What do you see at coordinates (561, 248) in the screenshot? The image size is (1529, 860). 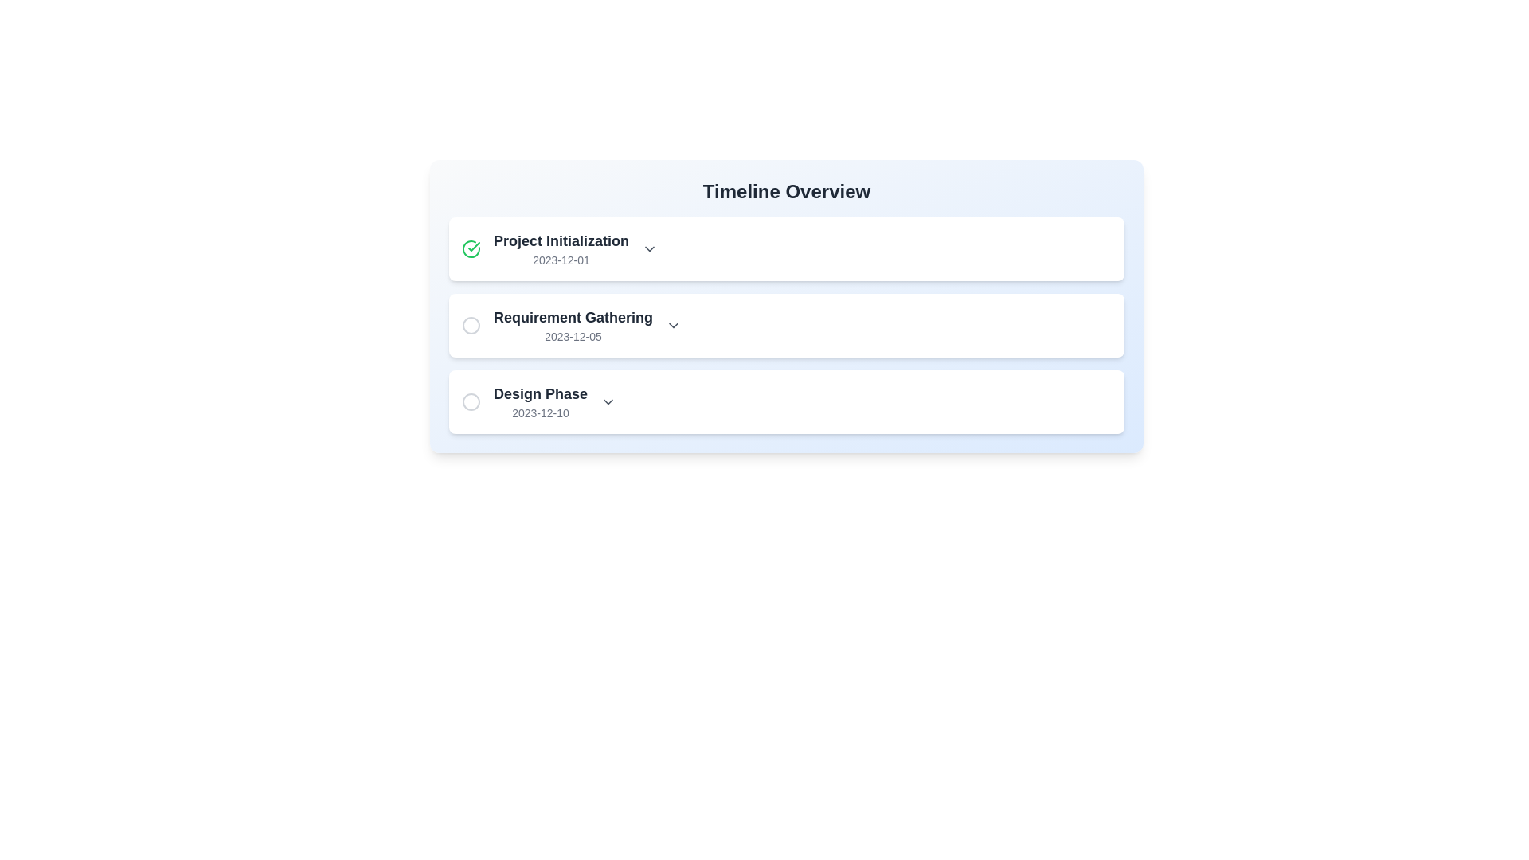 I see `the Text group (Title and Subtitle) displaying the project milestone title and date, located below the 'Timeline Overview' title and to the right of a checkmark icon` at bounding box center [561, 248].